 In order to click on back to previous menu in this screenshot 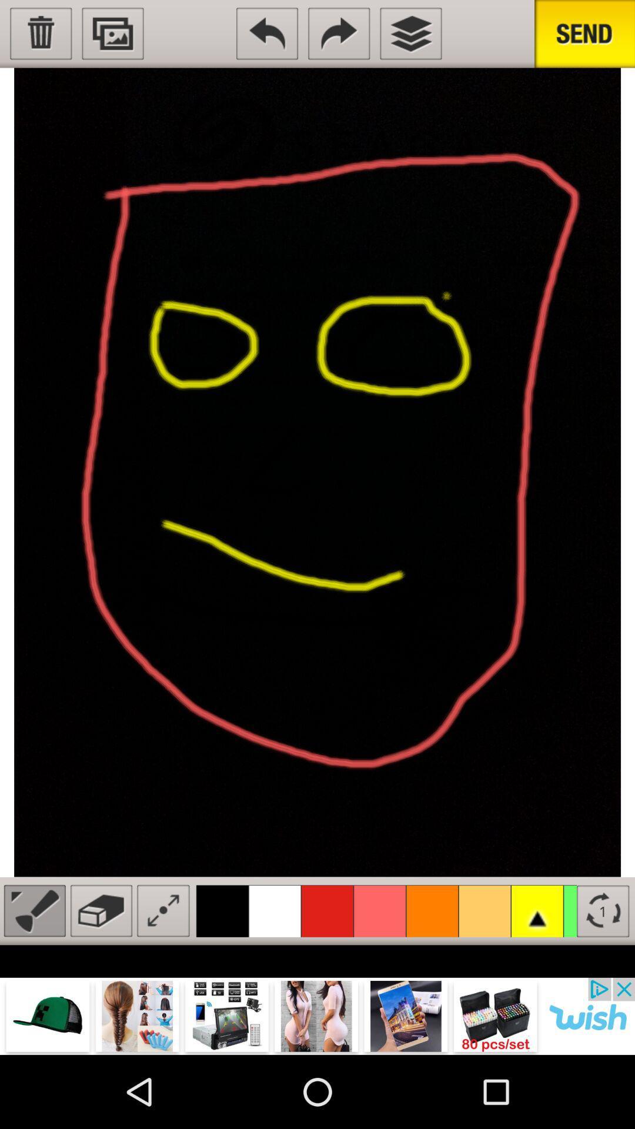, I will do `click(267, 34)`.